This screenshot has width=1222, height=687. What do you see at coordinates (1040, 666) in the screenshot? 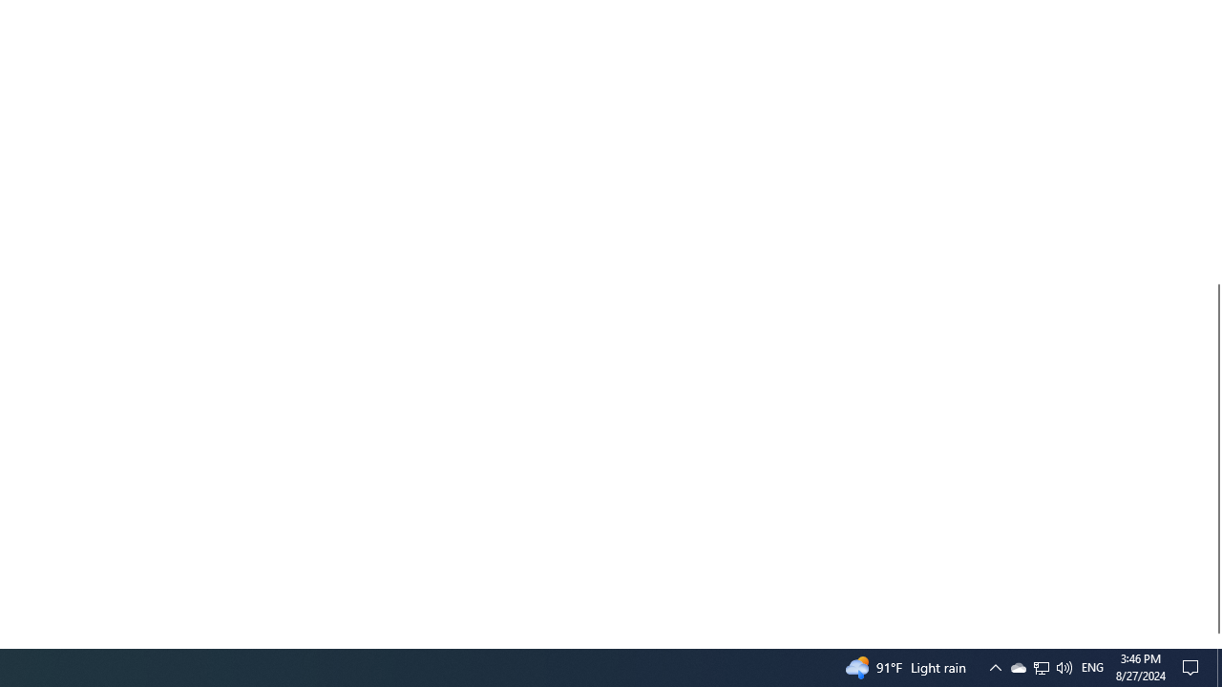
I see `'User Promoted Notification Area'` at bounding box center [1040, 666].